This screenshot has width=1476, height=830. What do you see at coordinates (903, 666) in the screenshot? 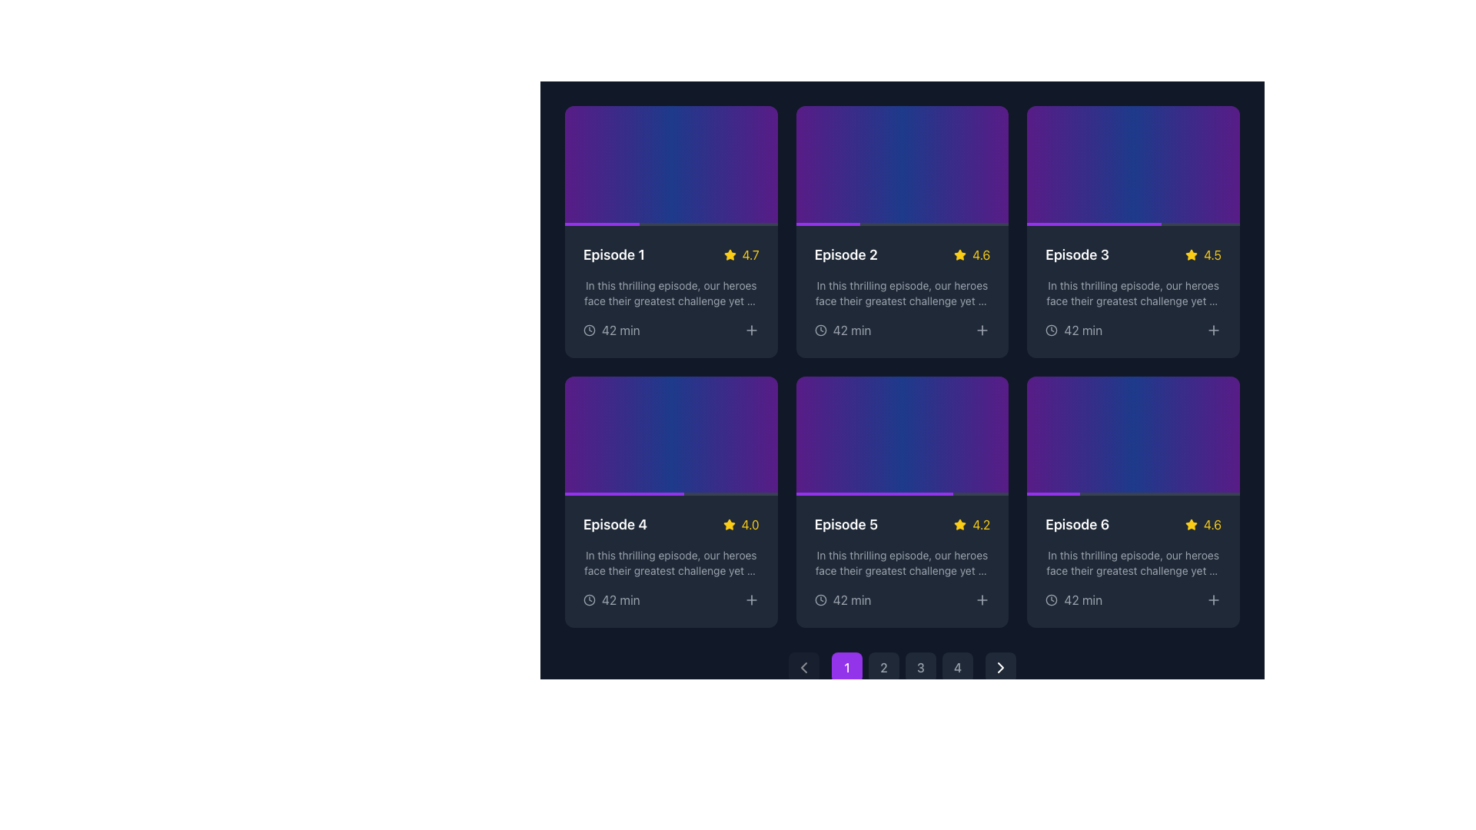
I see `the circular button labeled '2' in the pagination control` at bounding box center [903, 666].